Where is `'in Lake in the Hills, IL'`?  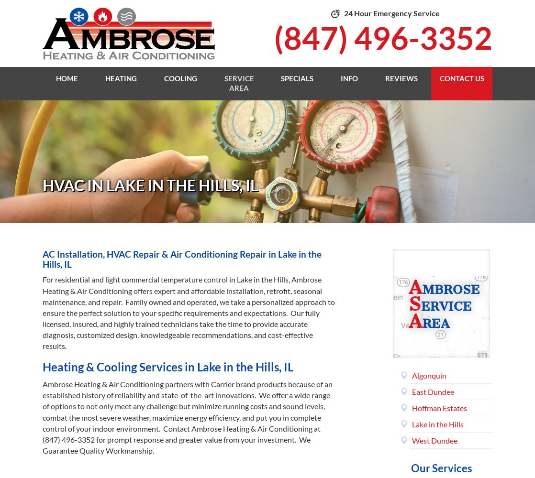
'in Lake in the Hills, IL' is located at coordinates (181, 259).